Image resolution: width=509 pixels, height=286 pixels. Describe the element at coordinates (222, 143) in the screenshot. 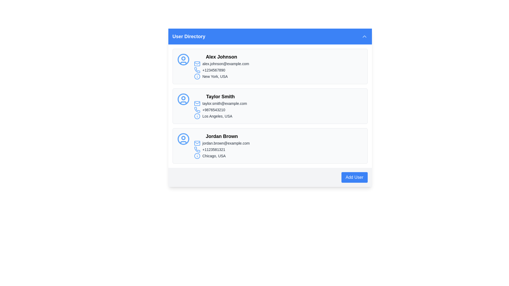

I see `text element displaying the email address 'jordan.brown@example.com' located in the third user's information card beneath the name 'Jordan Brown'` at that location.